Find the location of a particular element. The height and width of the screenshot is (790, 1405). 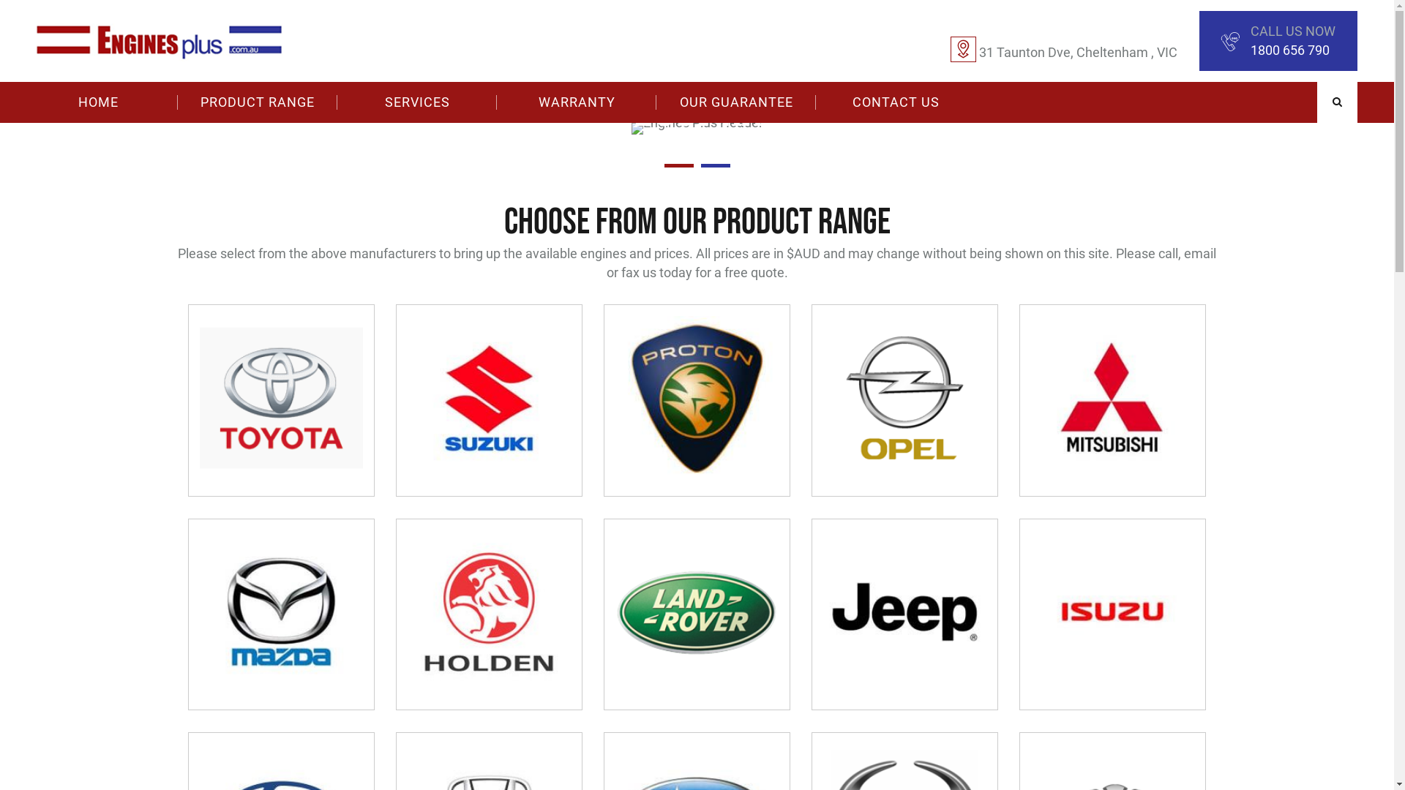

'CONTACT US' is located at coordinates (895, 101).